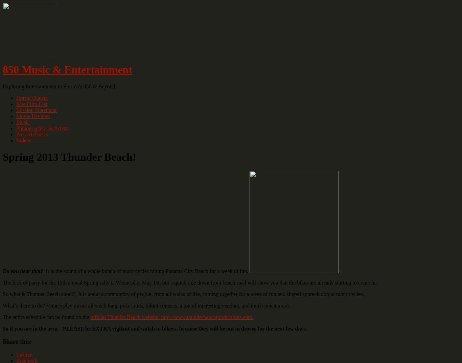 This screenshot has width=462, height=363. What do you see at coordinates (32, 134) in the screenshot?
I see `'Press Releases'` at bounding box center [32, 134].